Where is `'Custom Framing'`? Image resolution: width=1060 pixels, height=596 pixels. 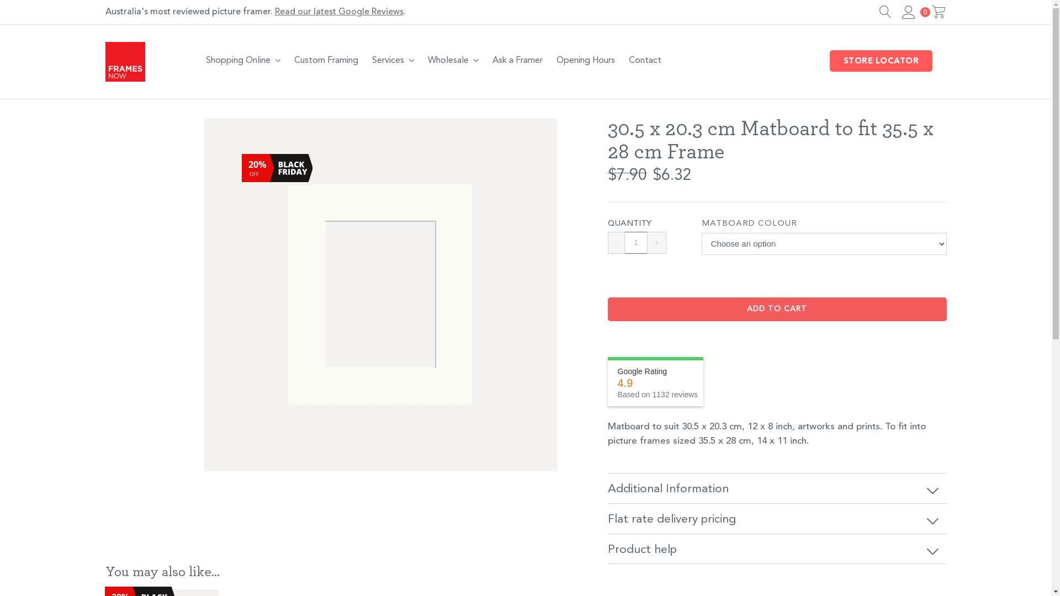
'Custom Framing' is located at coordinates (325, 61).